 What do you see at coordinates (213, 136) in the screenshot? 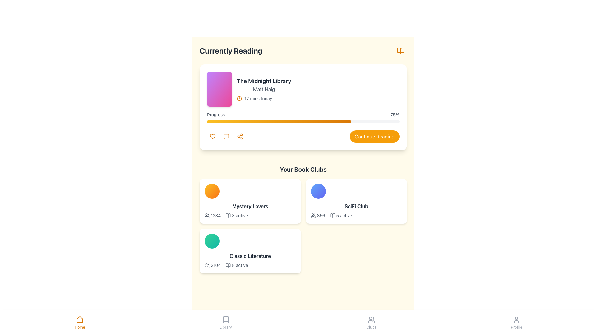
I see `the heart icon located in the 'Currently Reading' card, positioned near the bottom-left corner below the progress bar to like or favorite the item` at bounding box center [213, 136].